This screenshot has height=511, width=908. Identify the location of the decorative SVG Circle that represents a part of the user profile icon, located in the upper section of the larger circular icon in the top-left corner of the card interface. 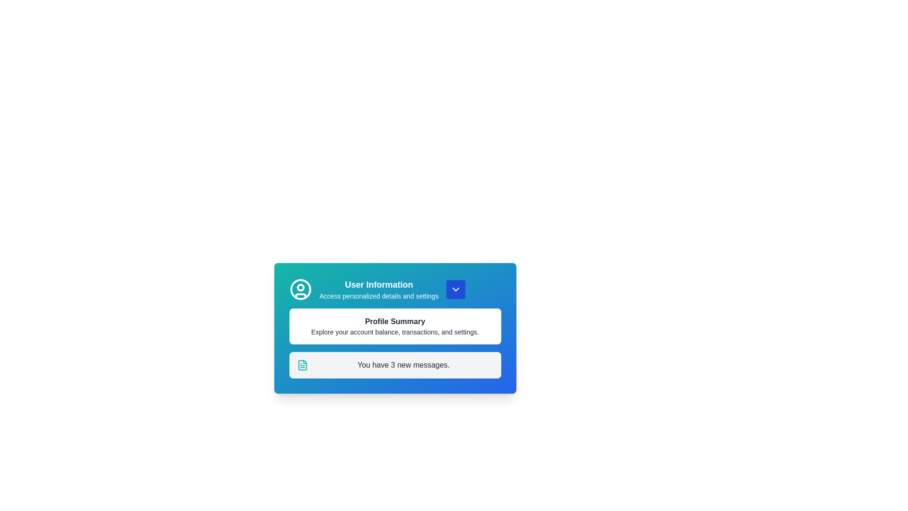
(300, 287).